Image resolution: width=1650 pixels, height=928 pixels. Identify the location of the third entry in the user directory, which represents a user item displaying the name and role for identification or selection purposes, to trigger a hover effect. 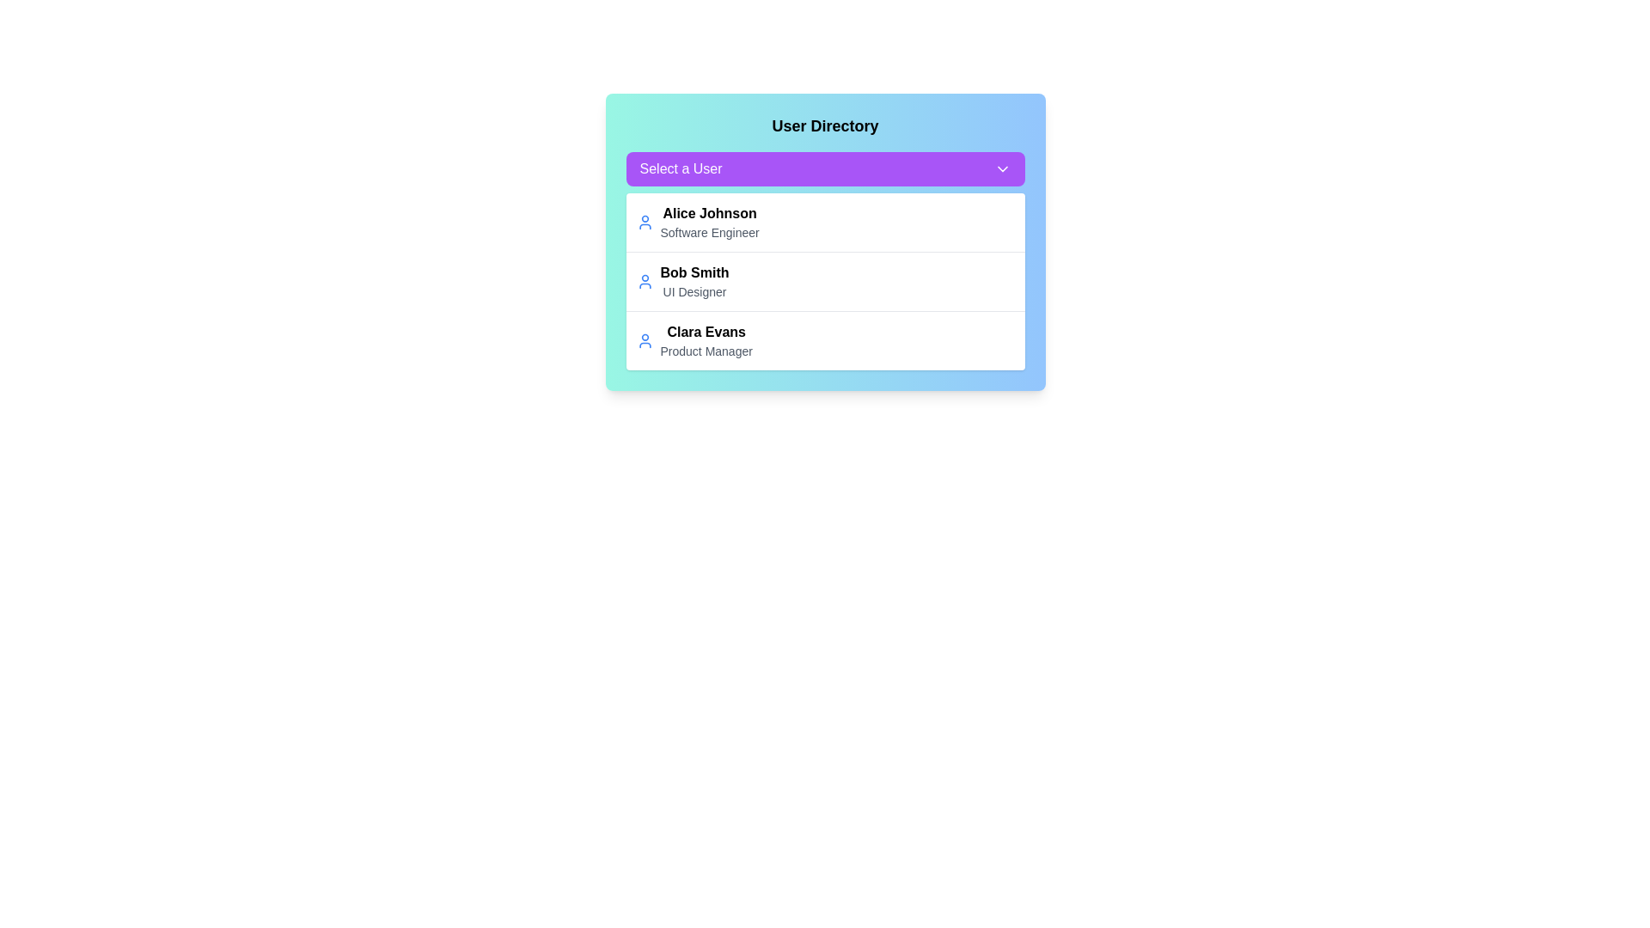
(825, 340).